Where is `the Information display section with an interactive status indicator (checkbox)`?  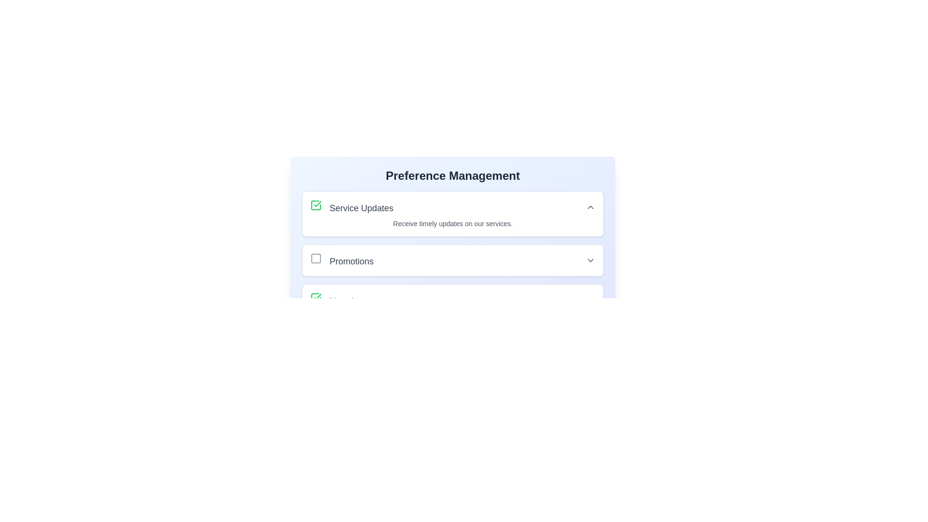
the Information display section with an interactive status indicator (checkbox) is located at coordinates (452, 214).